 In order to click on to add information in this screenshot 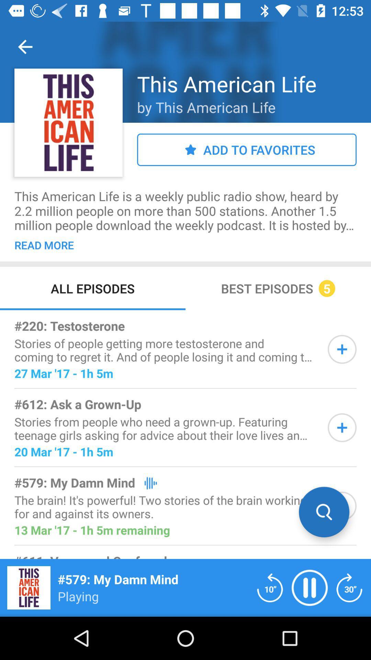, I will do `click(342, 427)`.